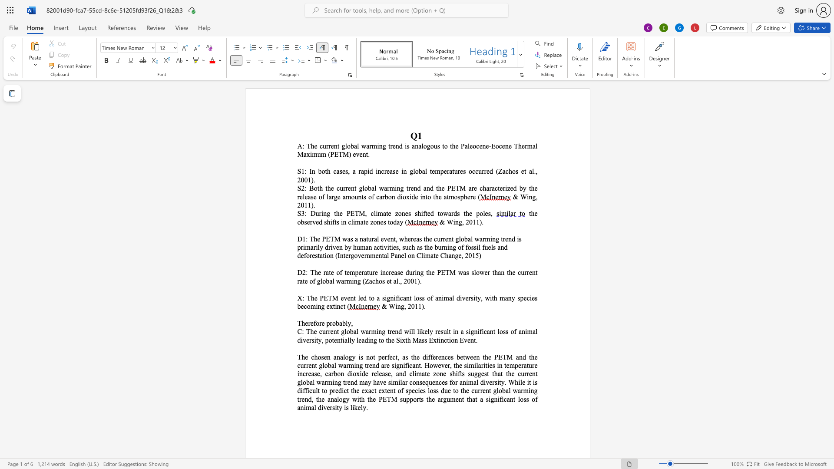 Image resolution: width=834 pixels, height=469 pixels. I want to click on the 1th character "v" in the text, so click(345, 297).